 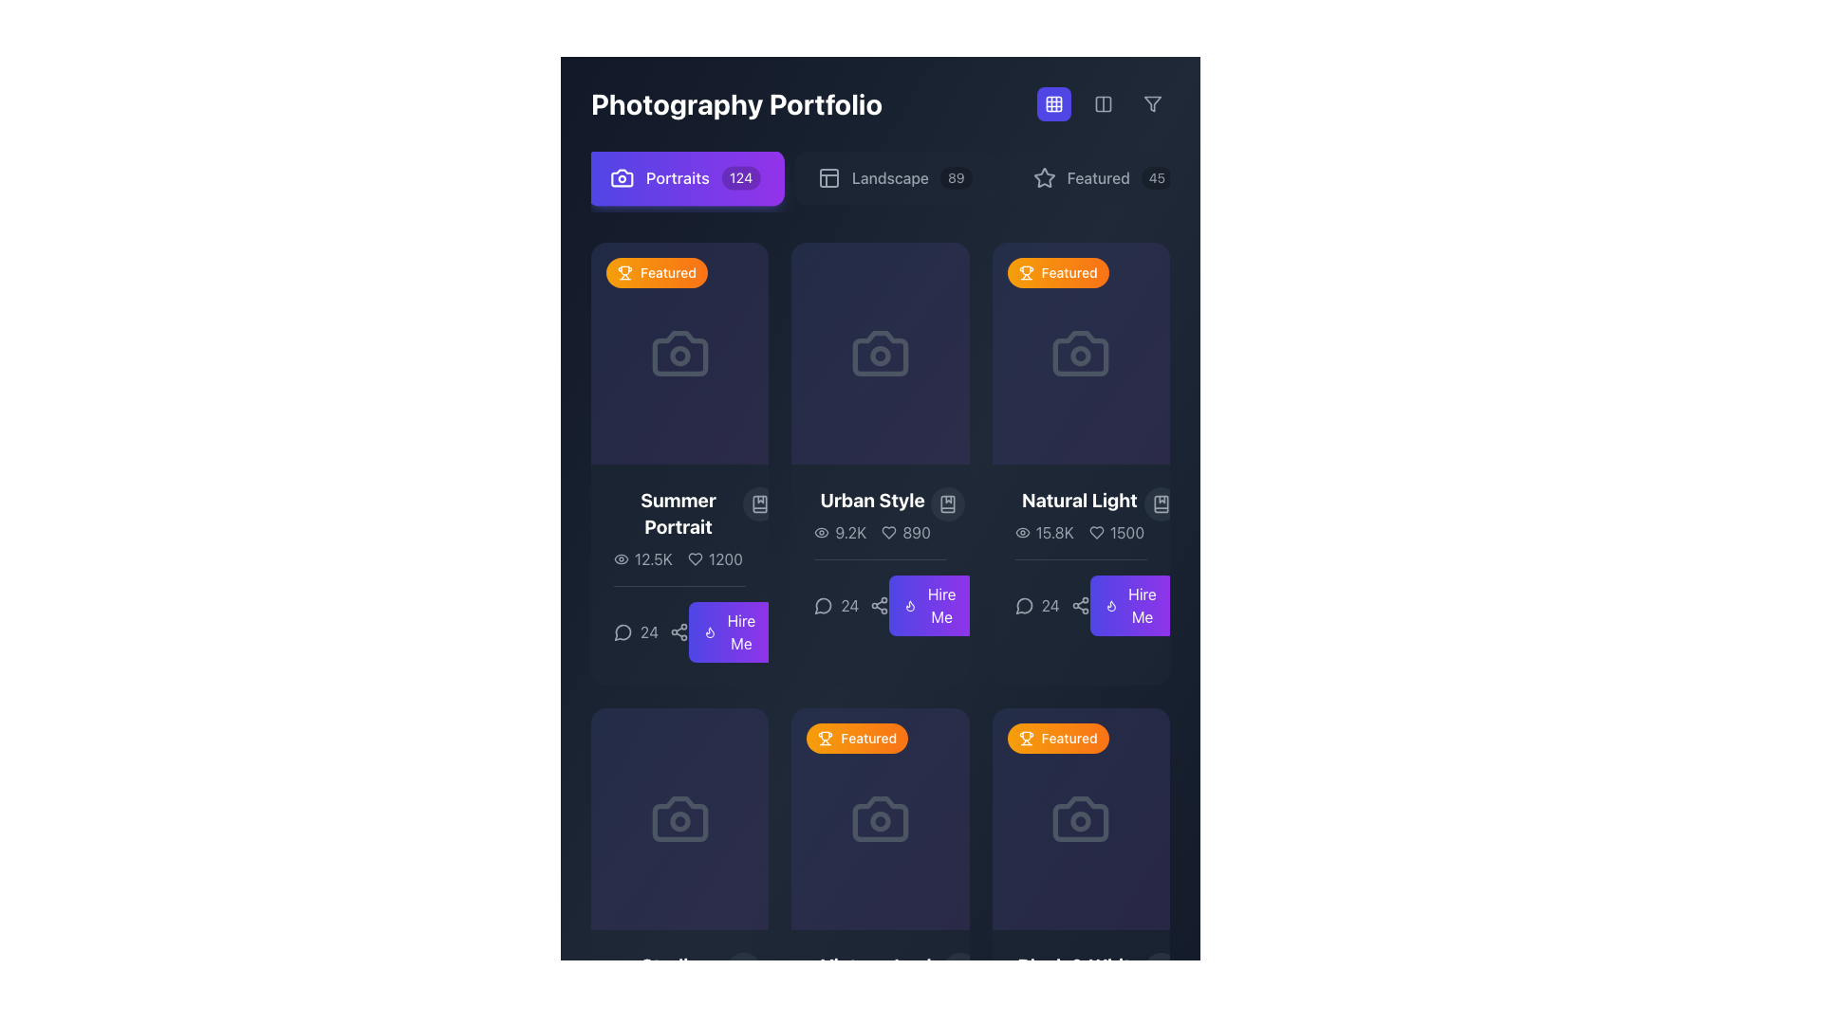 What do you see at coordinates (1103, 104) in the screenshot?
I see `the middle button in the group of three icons at the top-right corner of the interface` at bounding box center [1103, 104].